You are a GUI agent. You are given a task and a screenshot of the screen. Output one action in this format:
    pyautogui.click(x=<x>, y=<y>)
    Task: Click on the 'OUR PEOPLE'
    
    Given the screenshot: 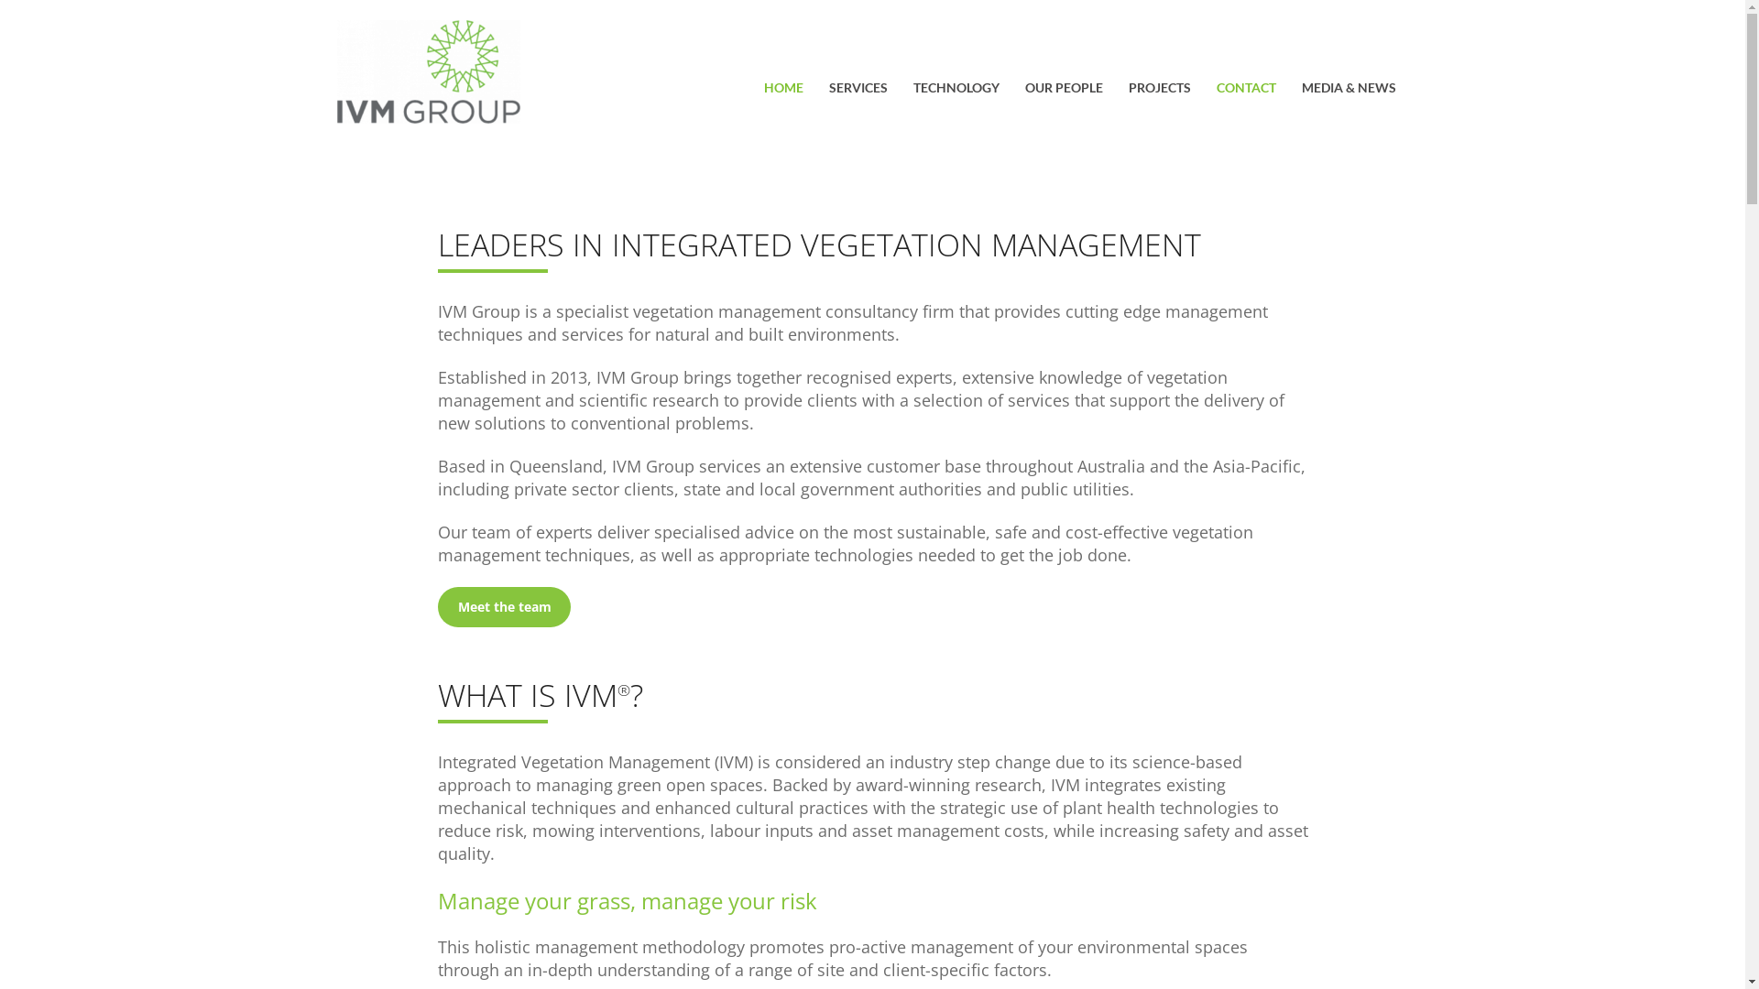 What is the action you would take?
    pyautogui.click(x=1023, y=90)
    